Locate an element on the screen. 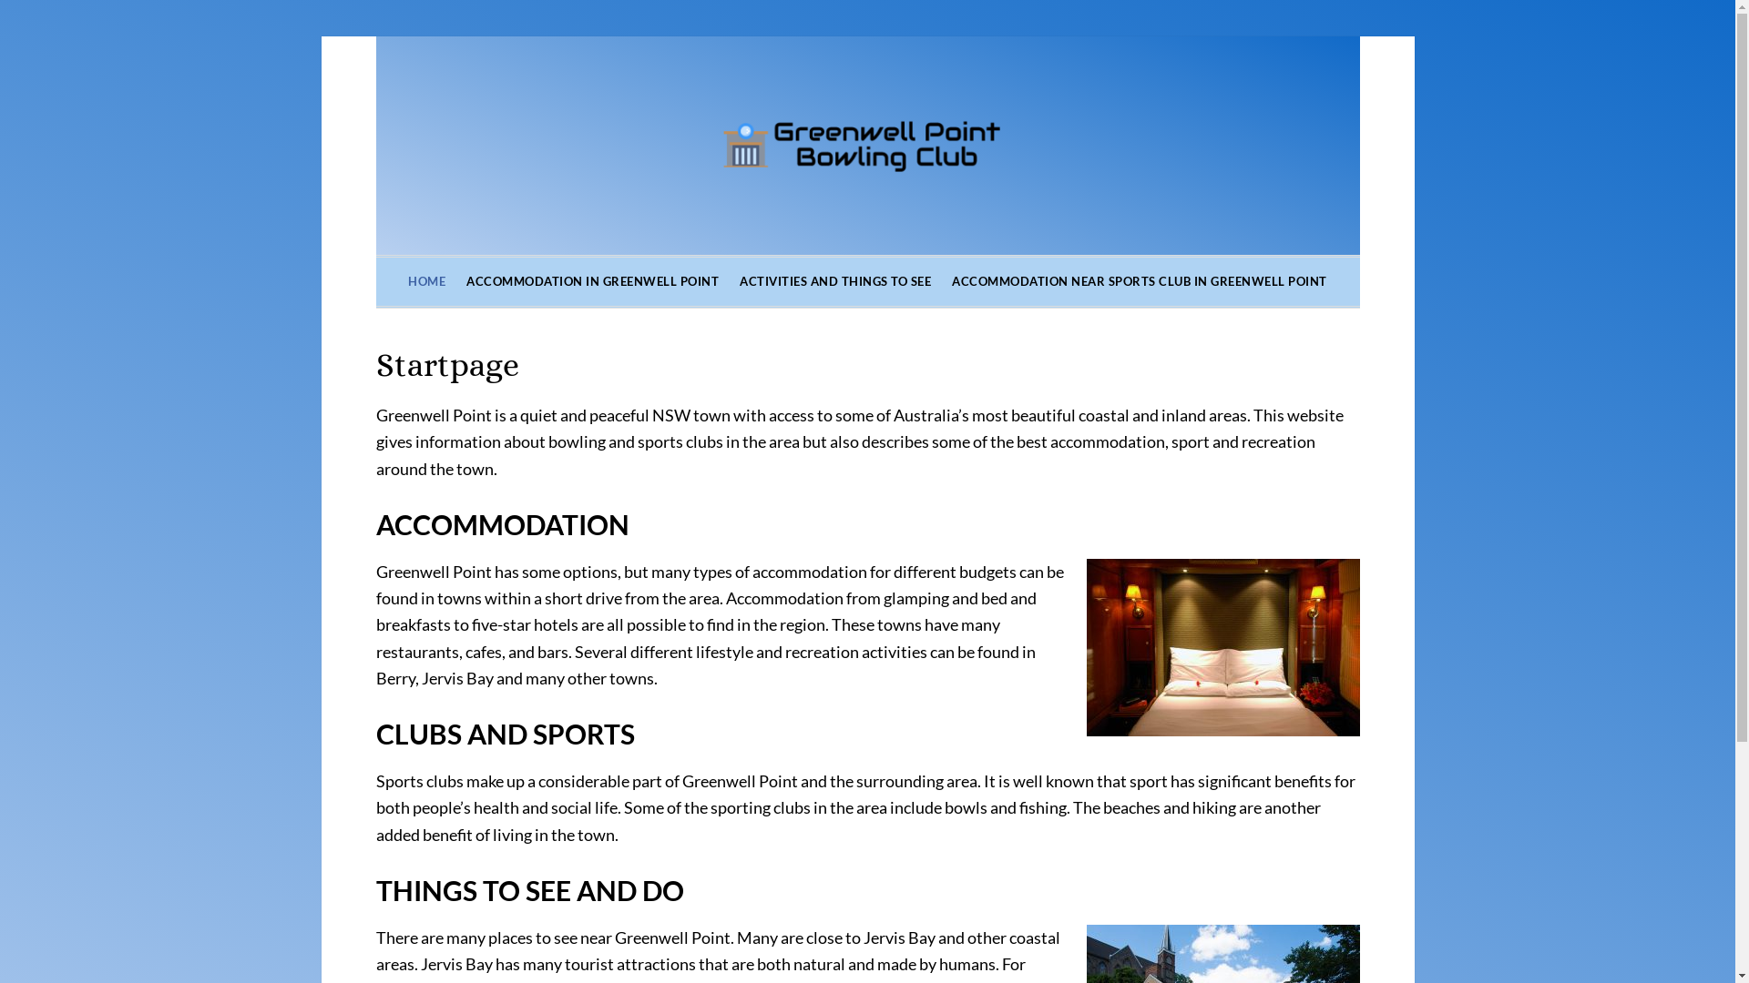  'ACTIVITIES AND THINGS TO SEE' is located at coordinates (834, 281).